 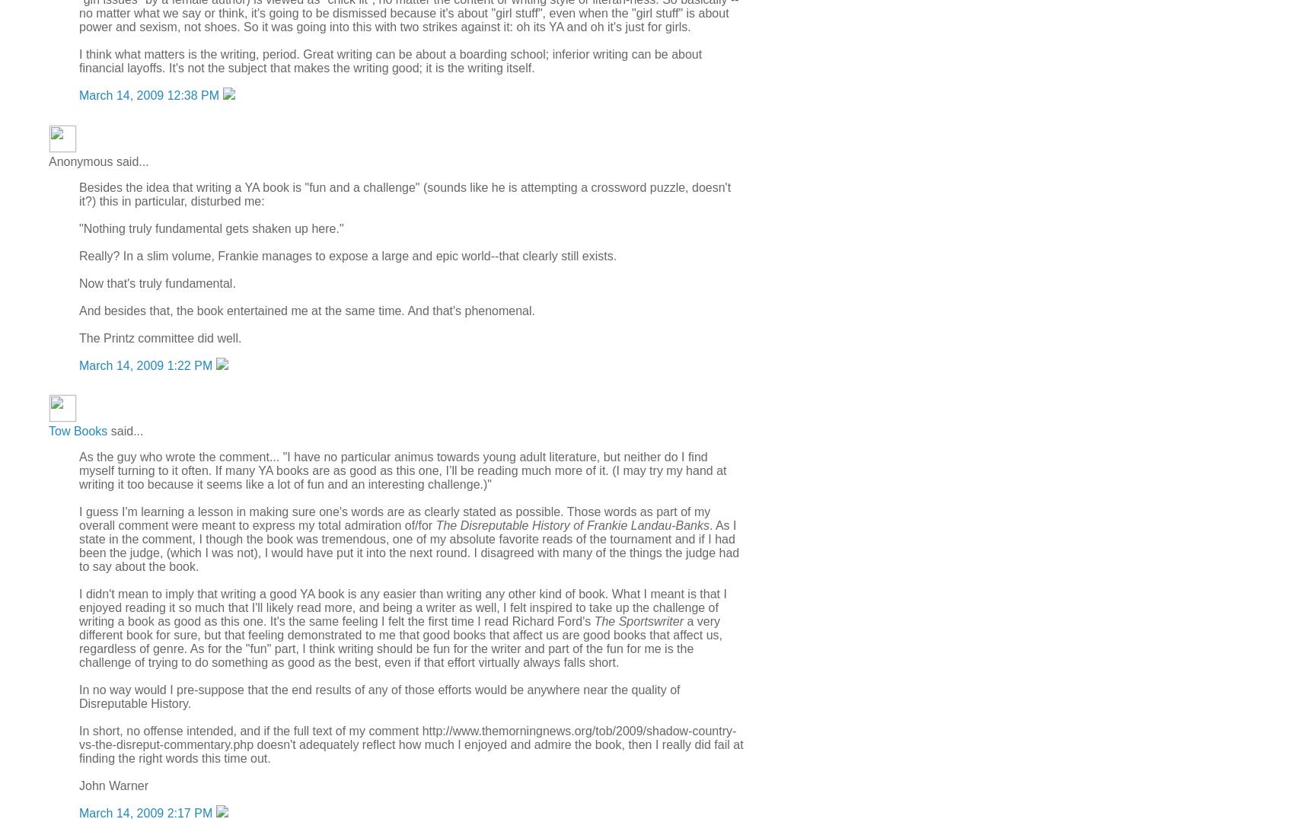 I want to click on 'March 14, 2009 1:22 PM', so click(x=78, y=364).